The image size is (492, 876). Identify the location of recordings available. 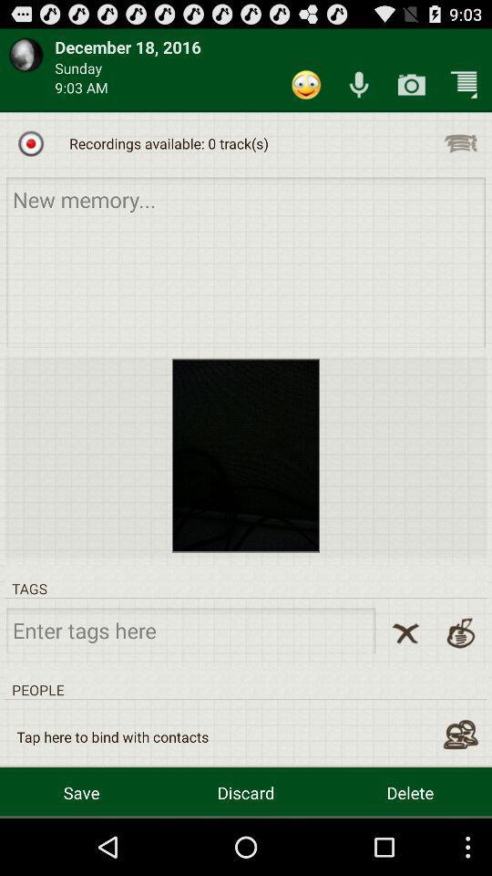
(30, 142).